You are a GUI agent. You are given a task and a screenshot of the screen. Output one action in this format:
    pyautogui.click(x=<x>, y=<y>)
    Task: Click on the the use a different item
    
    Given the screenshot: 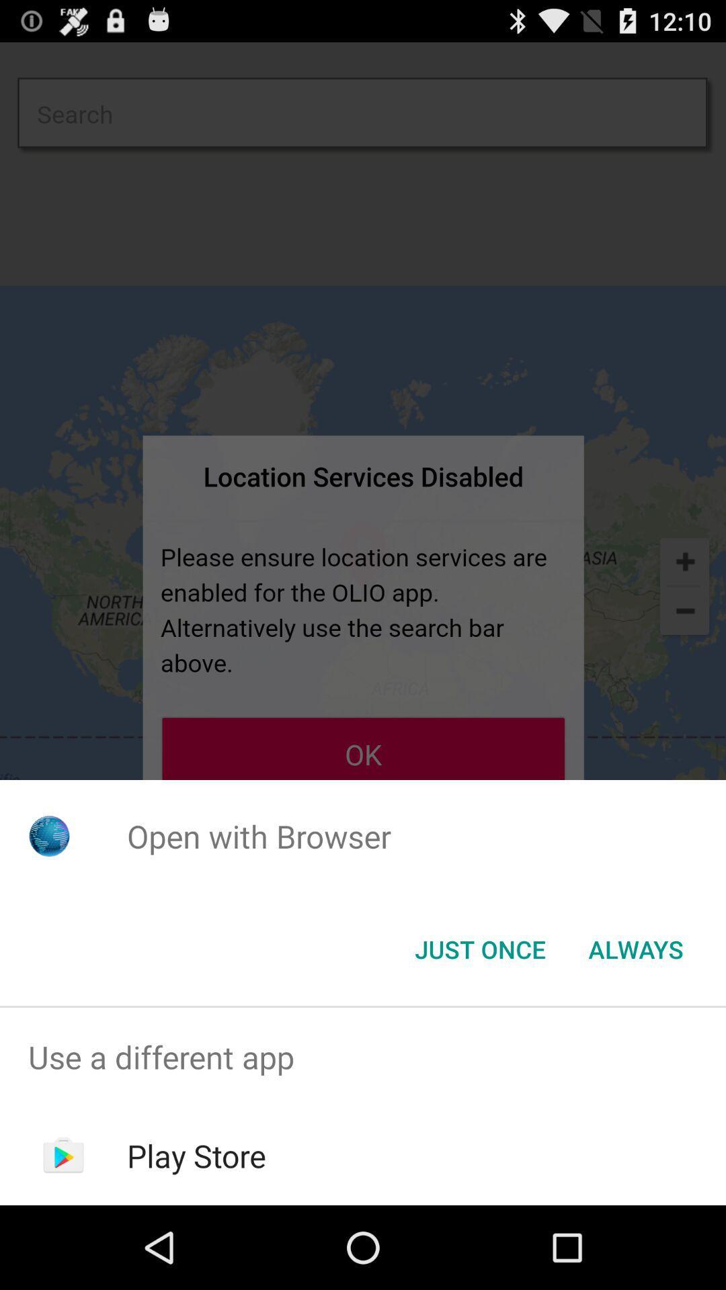 What is the action you would take?
    pyautogui.click(x=363, y=1056)
    